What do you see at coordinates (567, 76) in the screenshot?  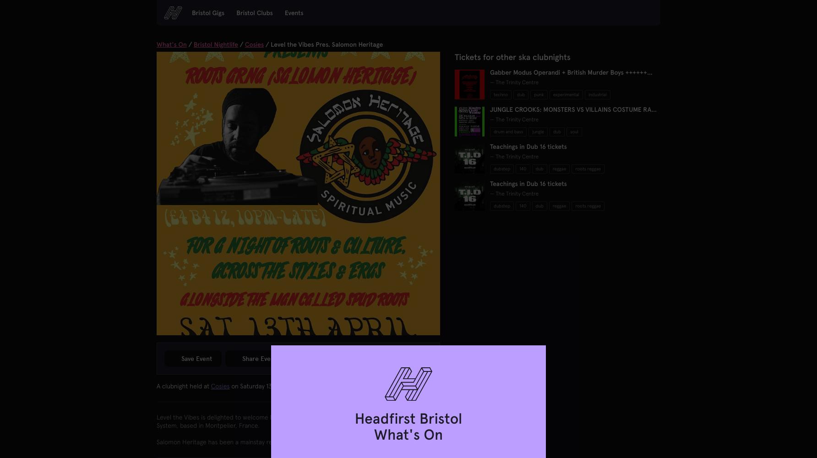 I see `'Gabber Modus Operandi + British Murder Boys ++++++ tickets'` at bounding box center [567, 76].